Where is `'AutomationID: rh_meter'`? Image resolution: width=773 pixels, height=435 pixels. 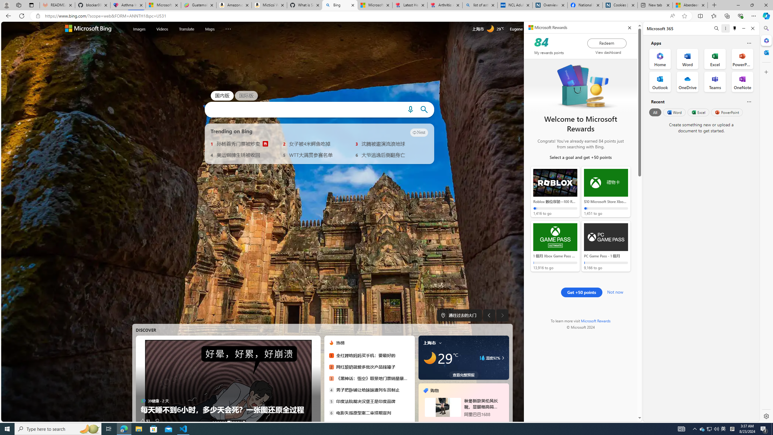
'AutomationID: rh_meter' is located at coordinates (551, 29).